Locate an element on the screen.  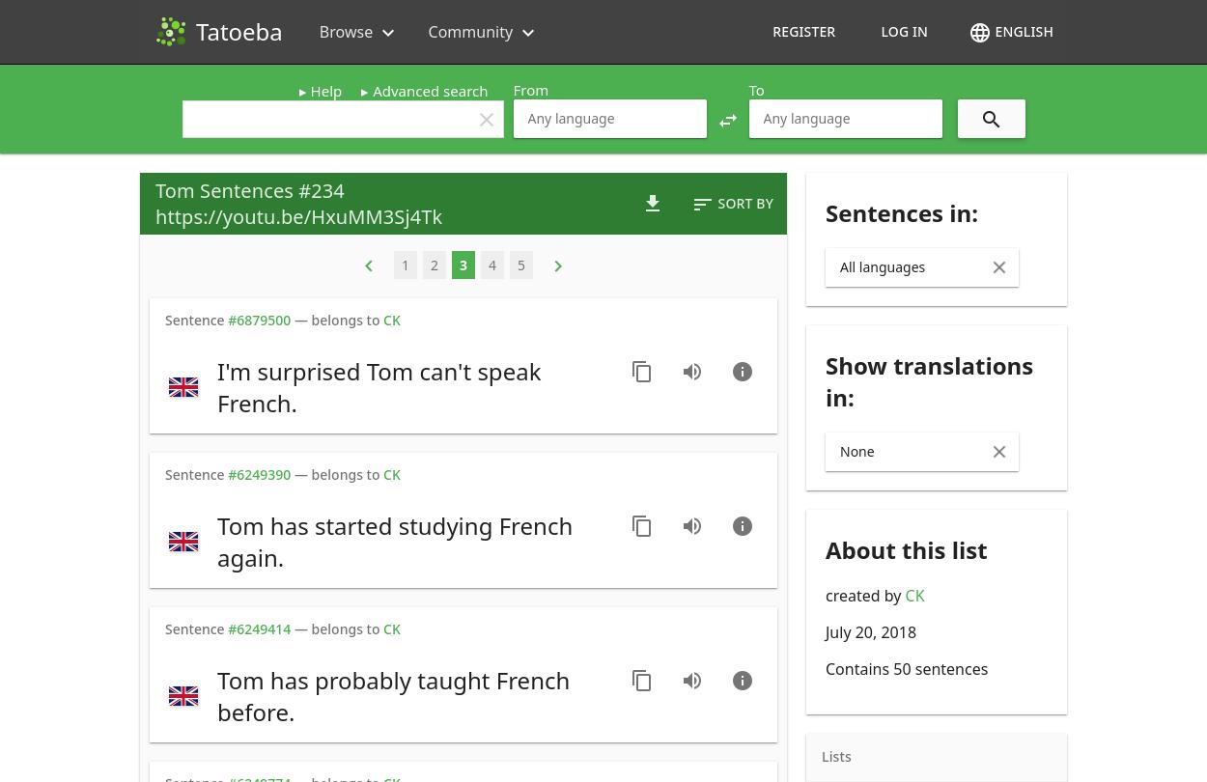
'#6249390' is located at coordinates (259, 474).